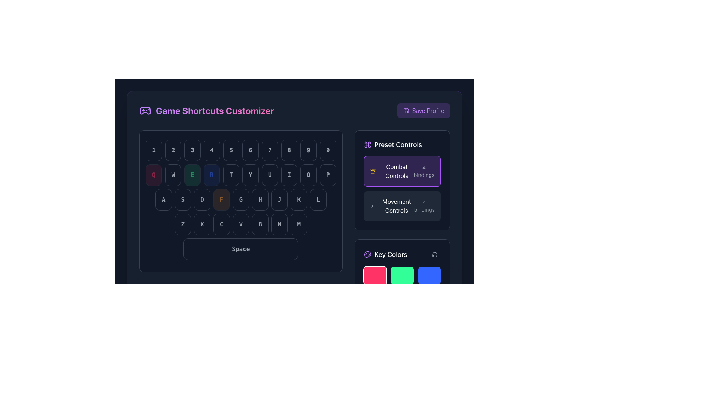 The height and width of the screenshot is (404, 719). I want to click on the static text element displaying '4 bindings,' located in the bottom-right corner of the 'Movement Controls' section in the 'Preset Controls' panel, so click(424, 206).